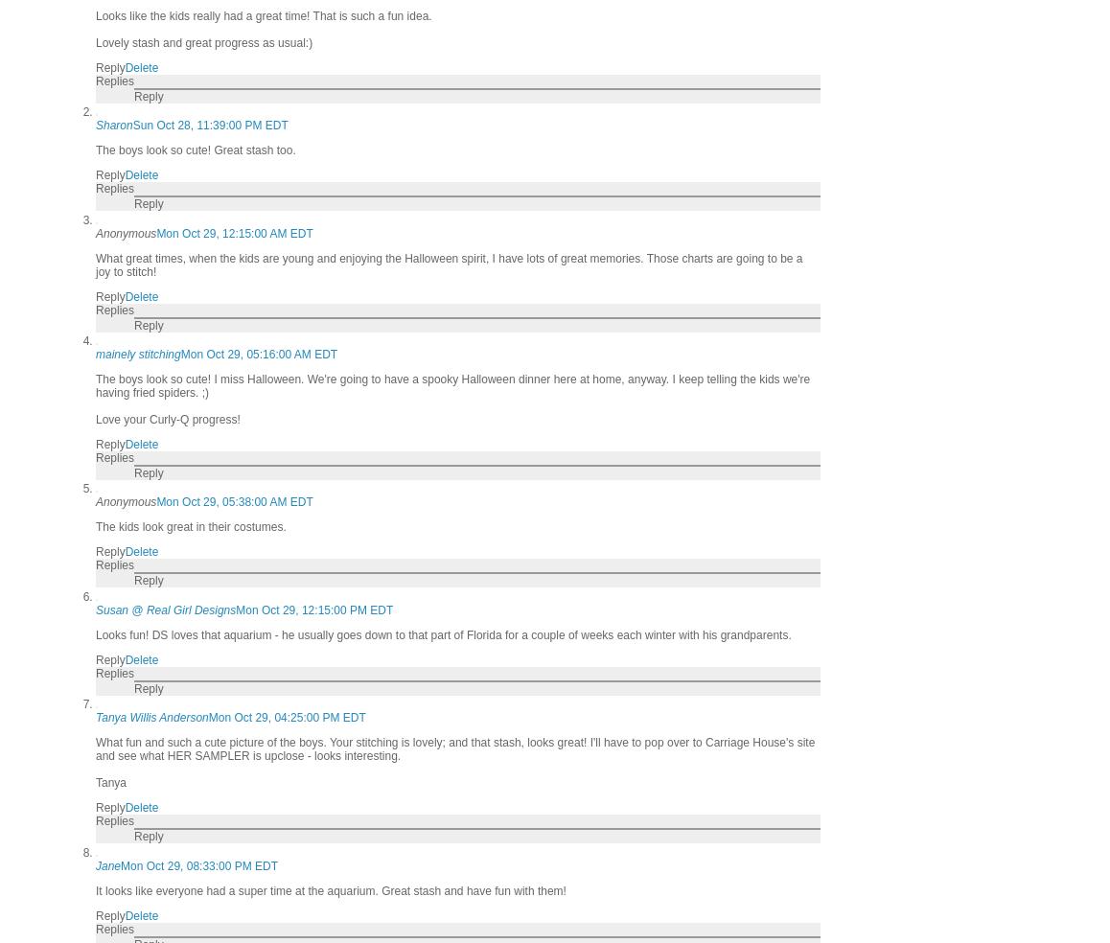  I want to click on 'Mon Oct 29, 04:25:00 PM EDT', so click(286, 717).